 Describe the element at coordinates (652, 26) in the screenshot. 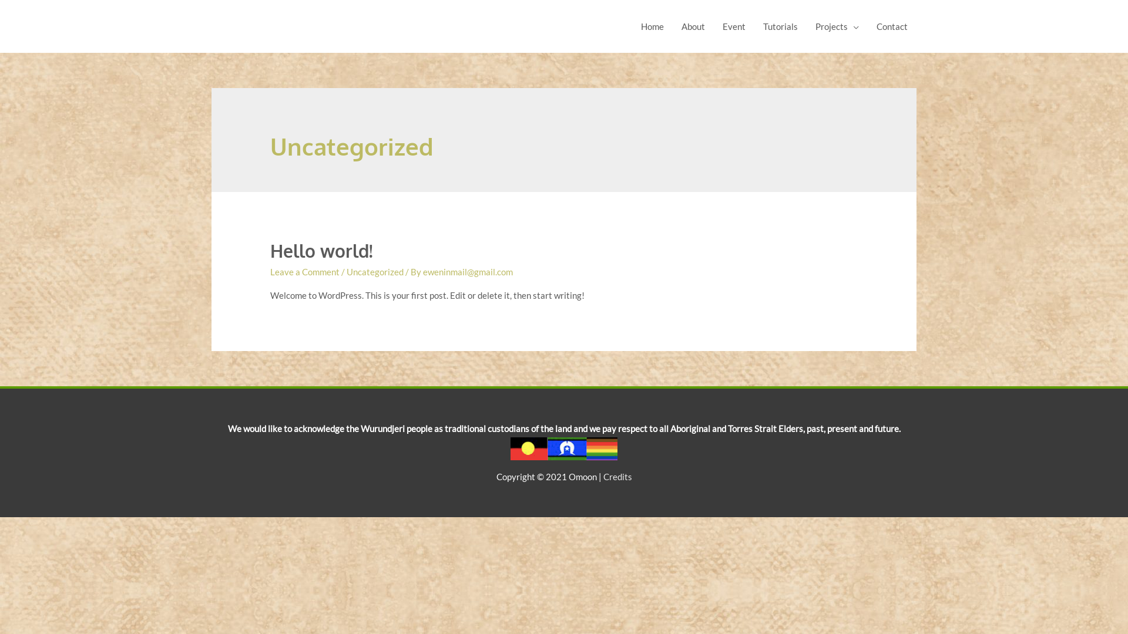

I see `'Home'` at that location.